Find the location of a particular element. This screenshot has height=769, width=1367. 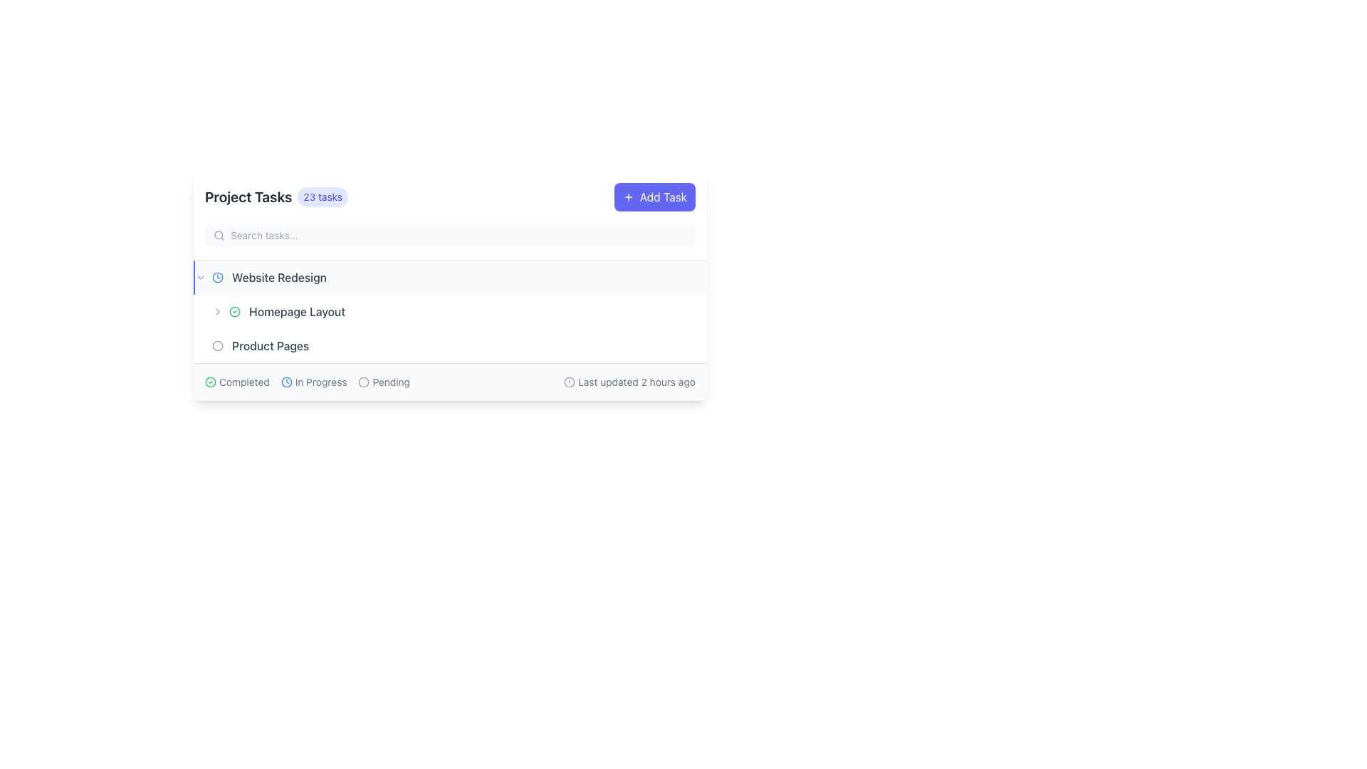

the second task entry in the project management interface to get more details about the task is located at coordinates (449, 311).